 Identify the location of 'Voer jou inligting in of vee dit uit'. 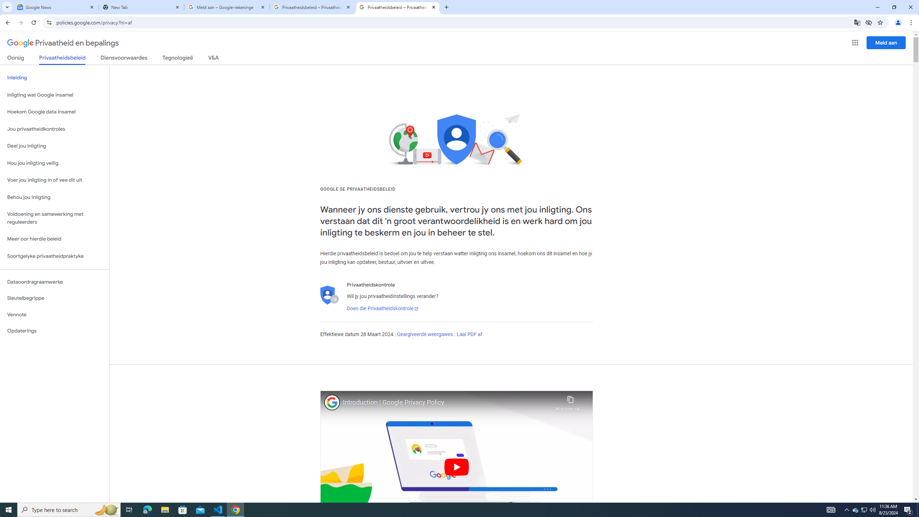
(54, 180).